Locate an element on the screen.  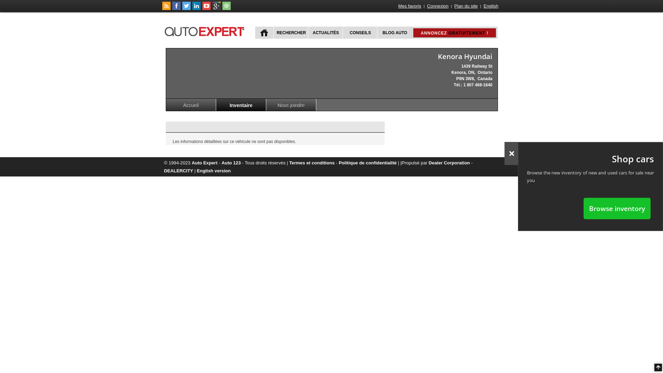
'Suivez Publications Le Guide Inc. sur LinkedIn' is located at coordinates (192, 8).